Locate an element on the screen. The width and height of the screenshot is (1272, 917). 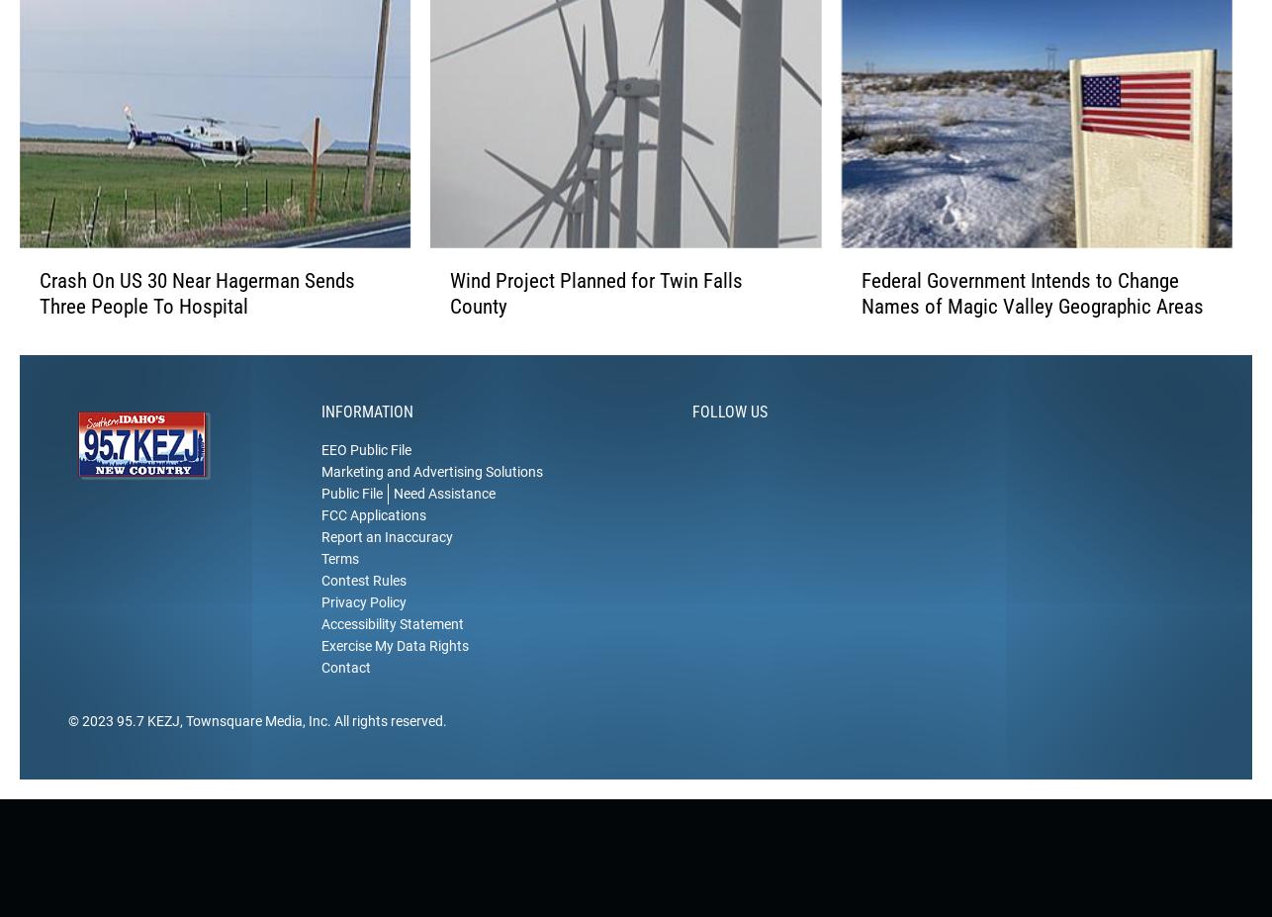
'FCC Applications' is located at coordinates (372, 546).